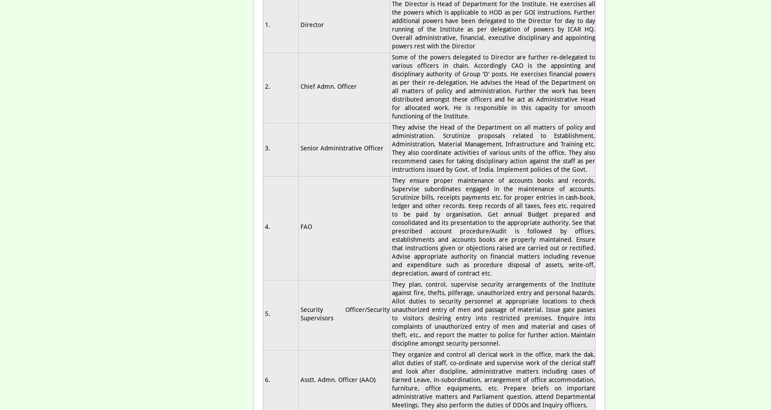 This screenshot has height=410, width=771. I want to click on 'They ensure proper maintenance of accounts books and records. Supervise subordinates engaged in the maintenance of accounts. Scrutinize bills, receipts payments etc. for proper entries in cash-book, ledger and other records. Keep records of all taxes, fees etc. required to be paid by organisation. Get annual Budget prepared and consolidated and its presentation to the appropriate authority. See that prescribed account procedure/Audit is followed by offices, establishments and accounts books are properly maintained. Ensure that instructions given or objections raised are carried out or rectified. Advise appropriate authority on financial matters including revenue and expenditure such as procedure disposal of assets, write-off, depreciation, award of contract etc.', so click(391, 226).